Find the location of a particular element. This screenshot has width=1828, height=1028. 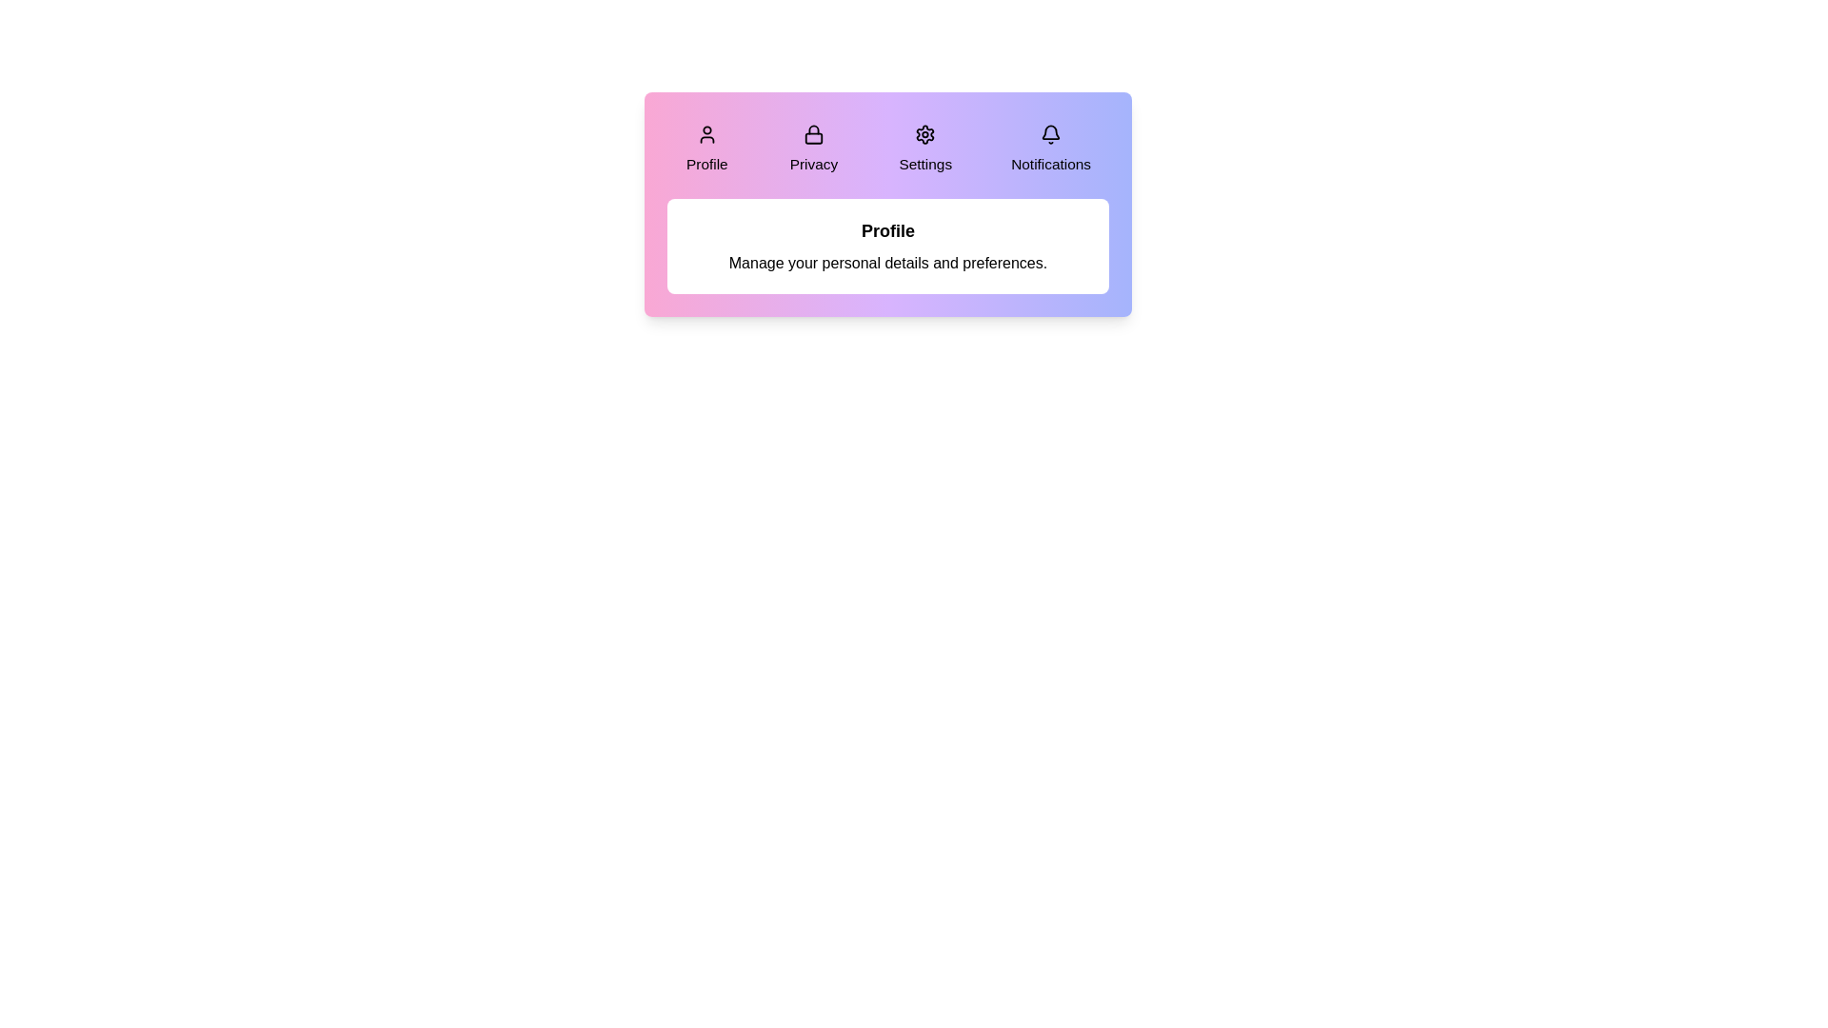

the icon of the tab labeled Notifications is located at coordinates (1050, 133).